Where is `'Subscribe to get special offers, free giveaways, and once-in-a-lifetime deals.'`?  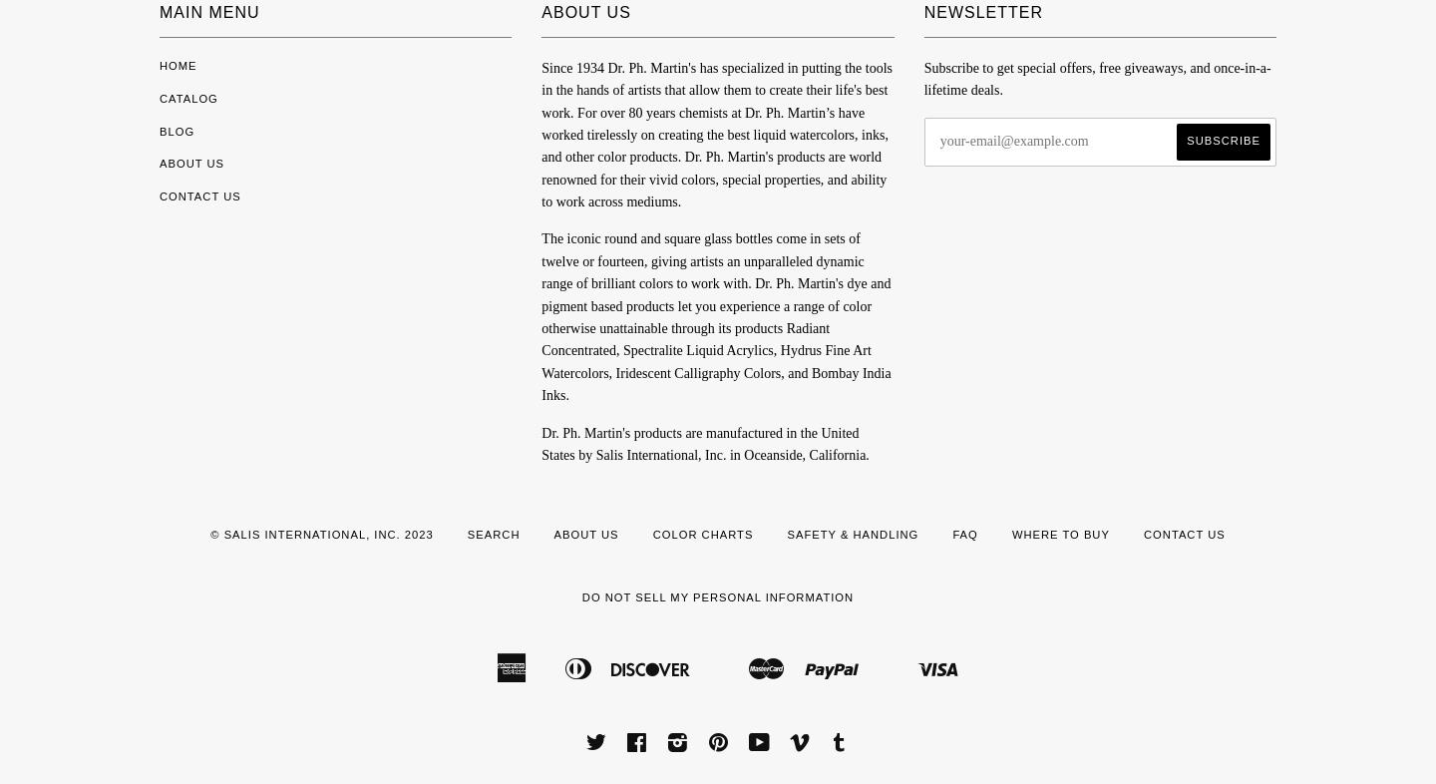
'Subscribe to get special offers, free giveaways, and once-in-a-lifetime deals.' is located at coordinates (1096, 77).